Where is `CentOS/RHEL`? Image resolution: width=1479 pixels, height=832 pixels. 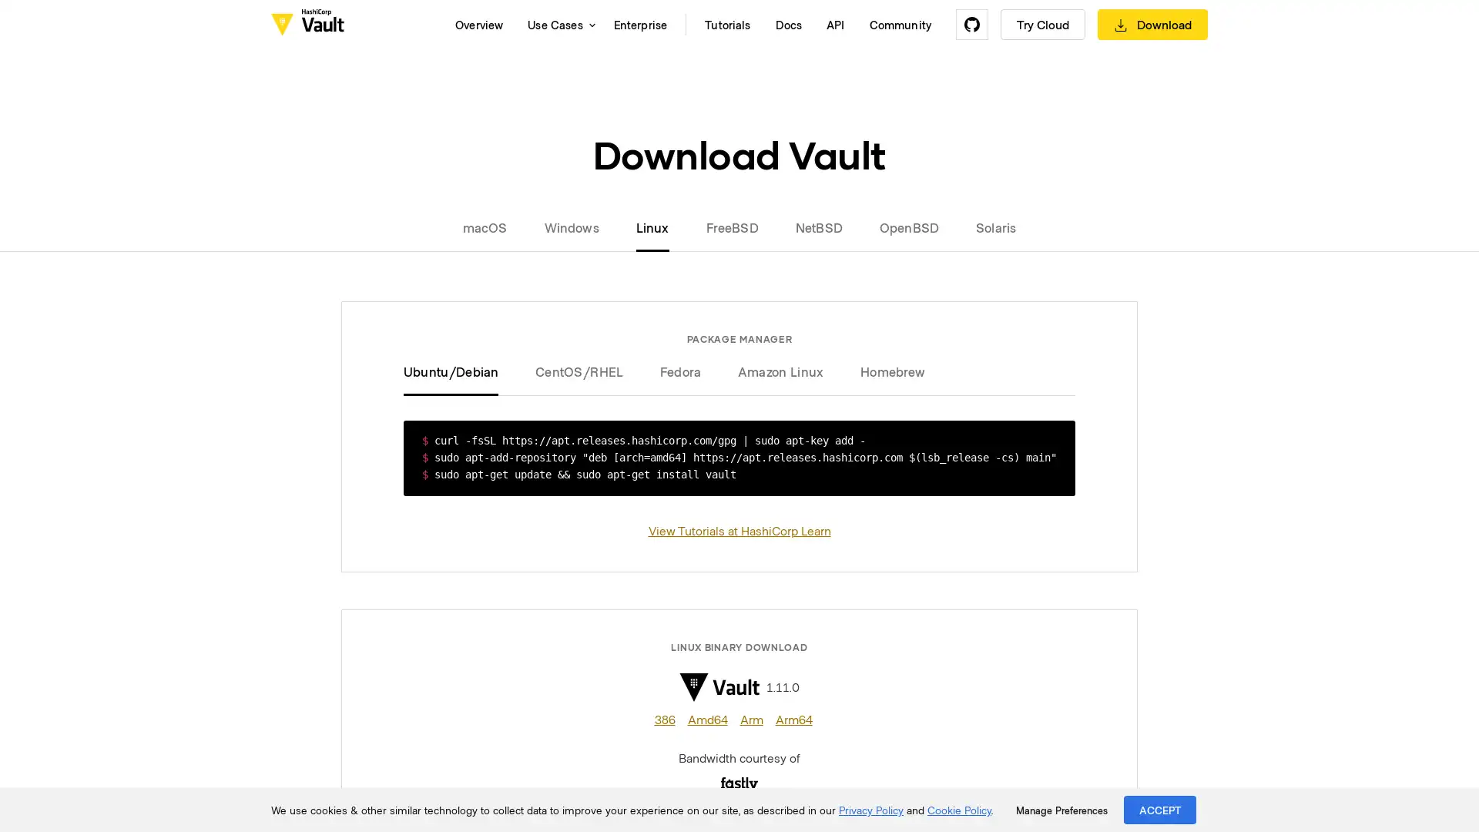
CentOS/RHEL is located at coordinates (579, 371).